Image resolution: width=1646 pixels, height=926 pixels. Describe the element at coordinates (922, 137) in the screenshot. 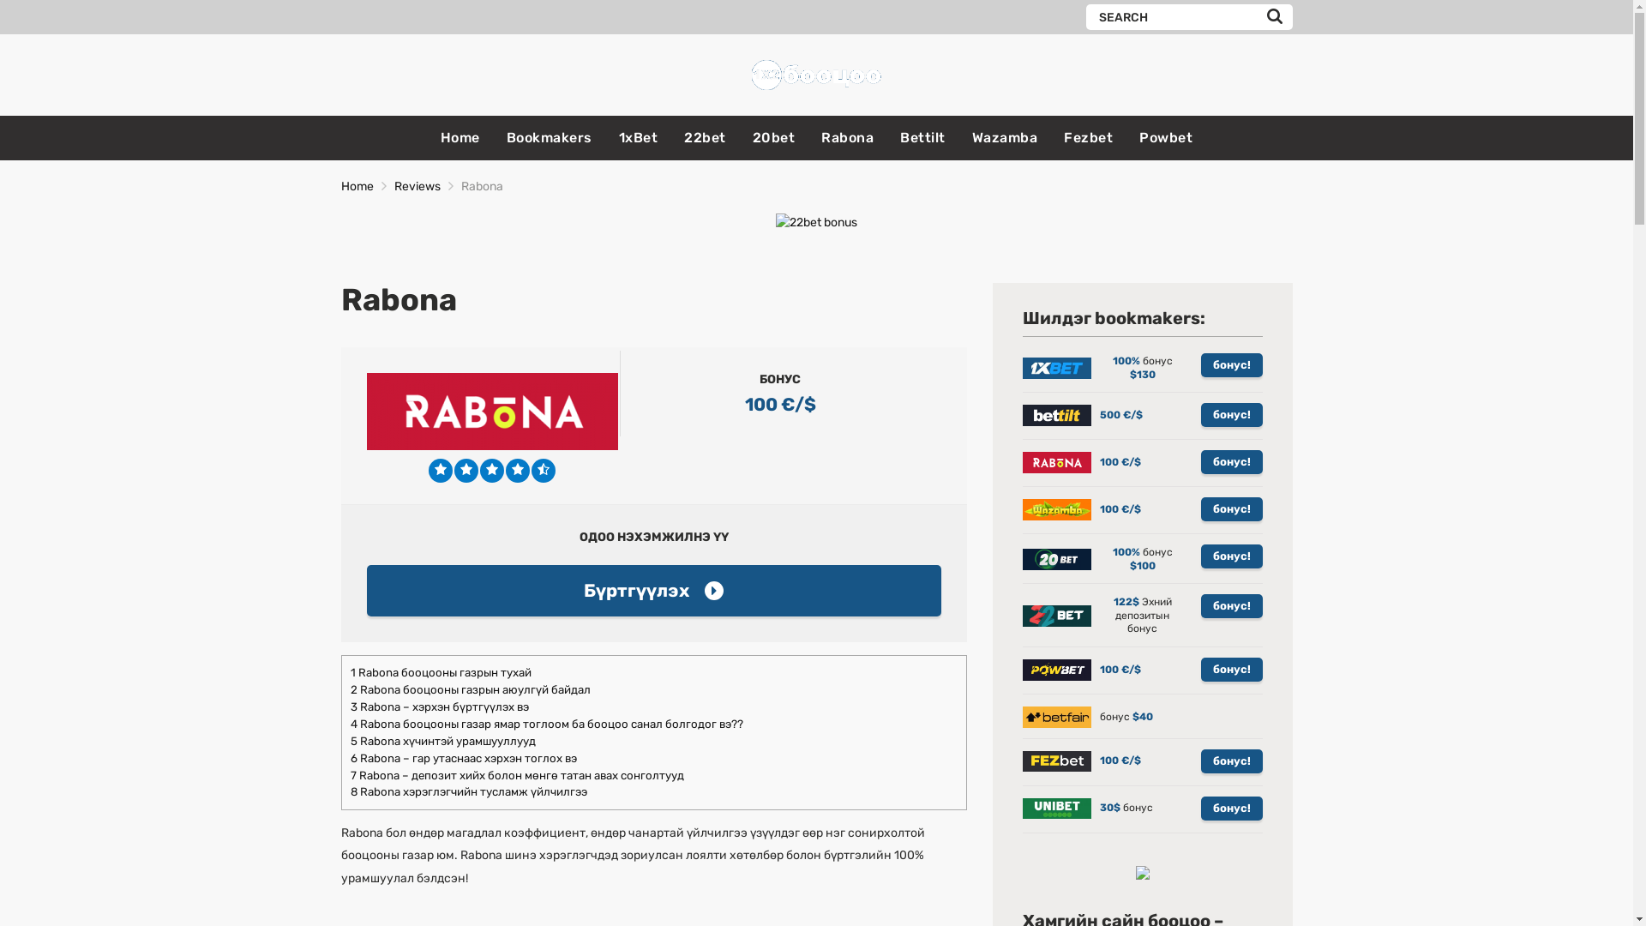

I see `'Bettilt'` at that location.